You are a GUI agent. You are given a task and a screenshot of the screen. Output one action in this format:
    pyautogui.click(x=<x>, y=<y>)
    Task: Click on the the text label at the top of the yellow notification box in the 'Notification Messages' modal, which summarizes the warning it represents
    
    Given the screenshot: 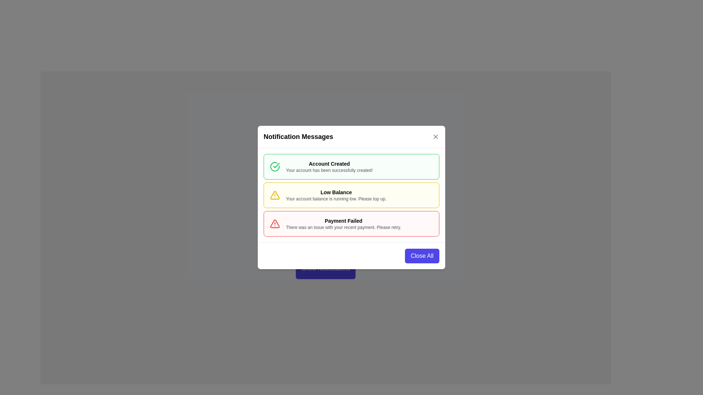 What is the action you would take?
    pyautogui.click(x=336, y=192)
    